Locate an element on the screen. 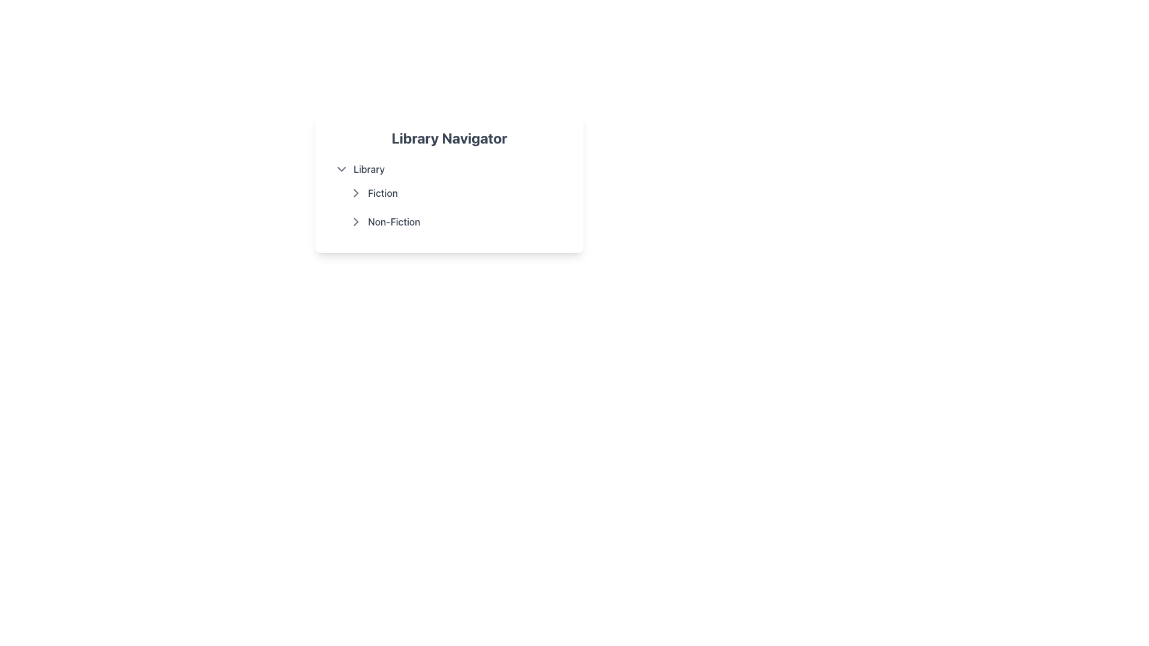 This screenshot has width=1149, height=646. the 'Fiction' Expandable List Item, which features a right-pointing triangle indicating a collapsible menu, located centrally under the 'Library' section is located at coordinates (456, 193).